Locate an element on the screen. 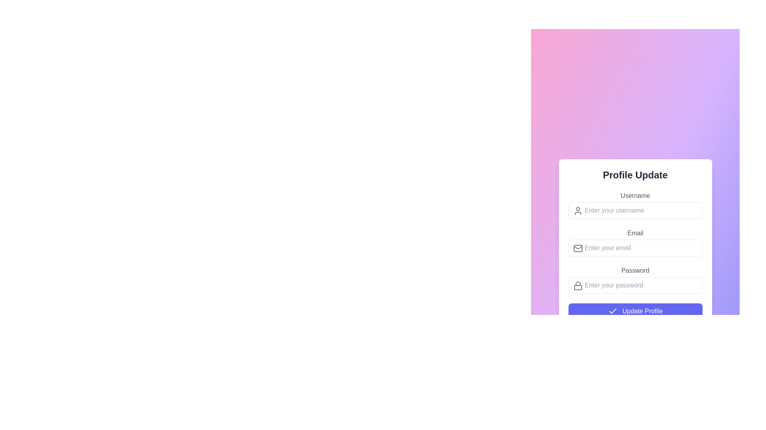  the 'Username' text input field is located at coordinates (635, 210).